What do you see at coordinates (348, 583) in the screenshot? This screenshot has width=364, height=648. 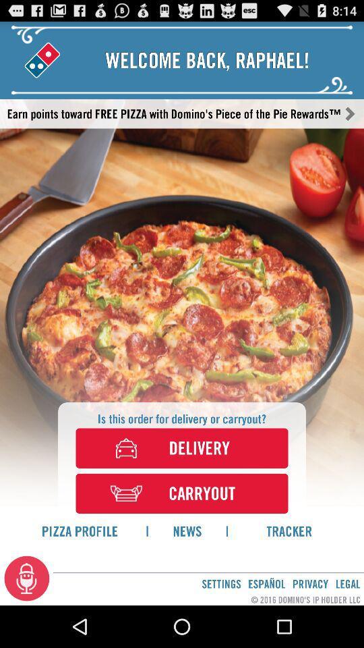 I see `app to the right of privacy item` at bounding box center [348, 583].